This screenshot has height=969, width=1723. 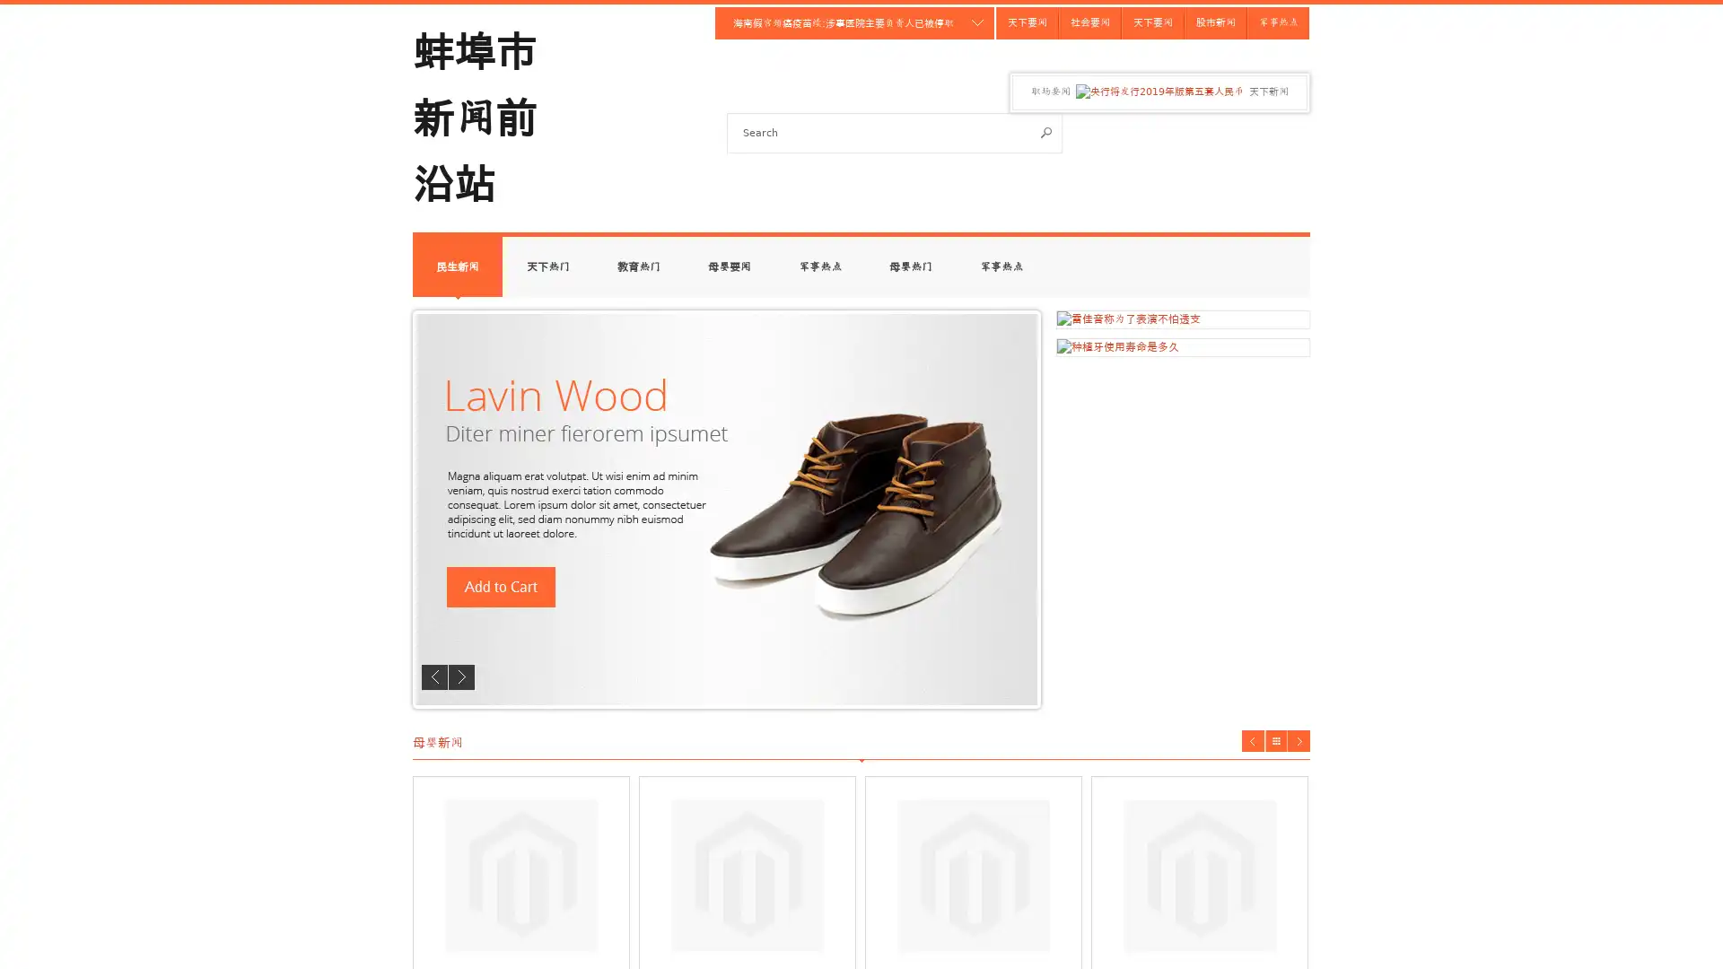 What do you see at coordinates (1046, 131) in the screenshot?
I see `Search` at bounding box center [1046, 131].